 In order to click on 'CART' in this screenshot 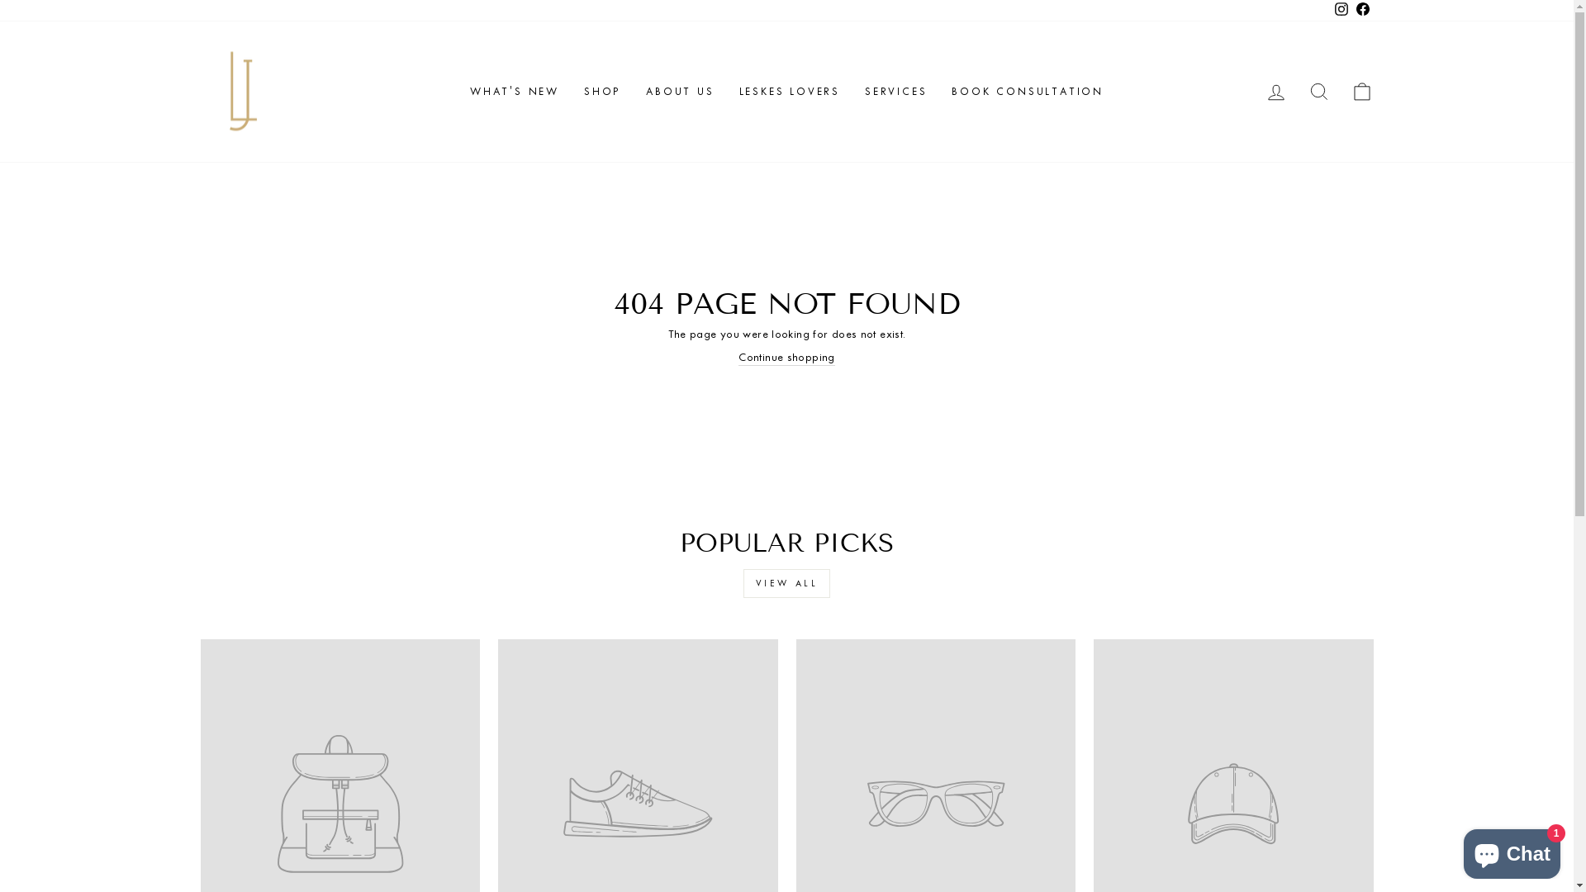, I will do `click(1340, 92)`.